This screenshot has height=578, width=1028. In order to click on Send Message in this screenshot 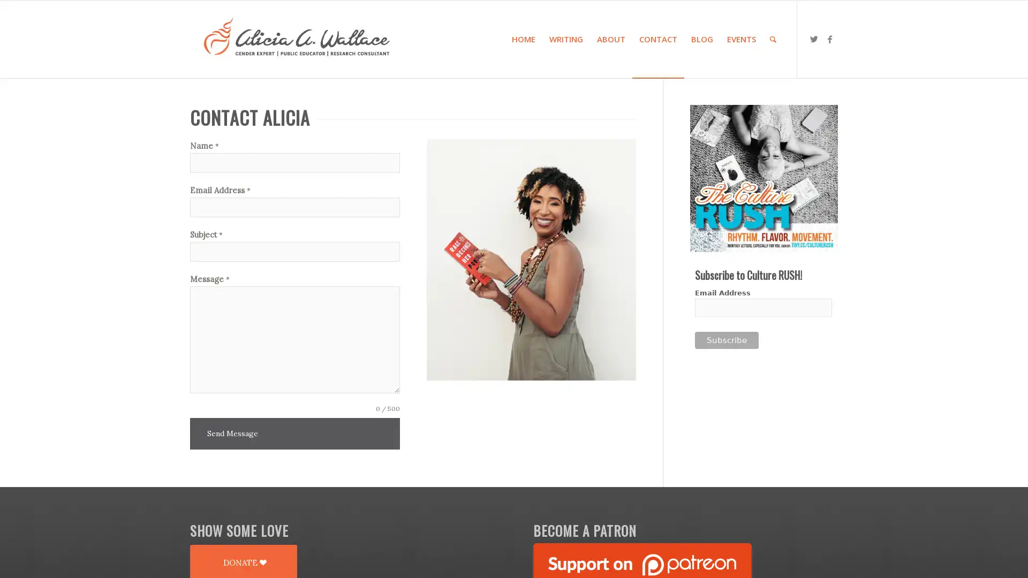, I will do `click(232, 433)`.